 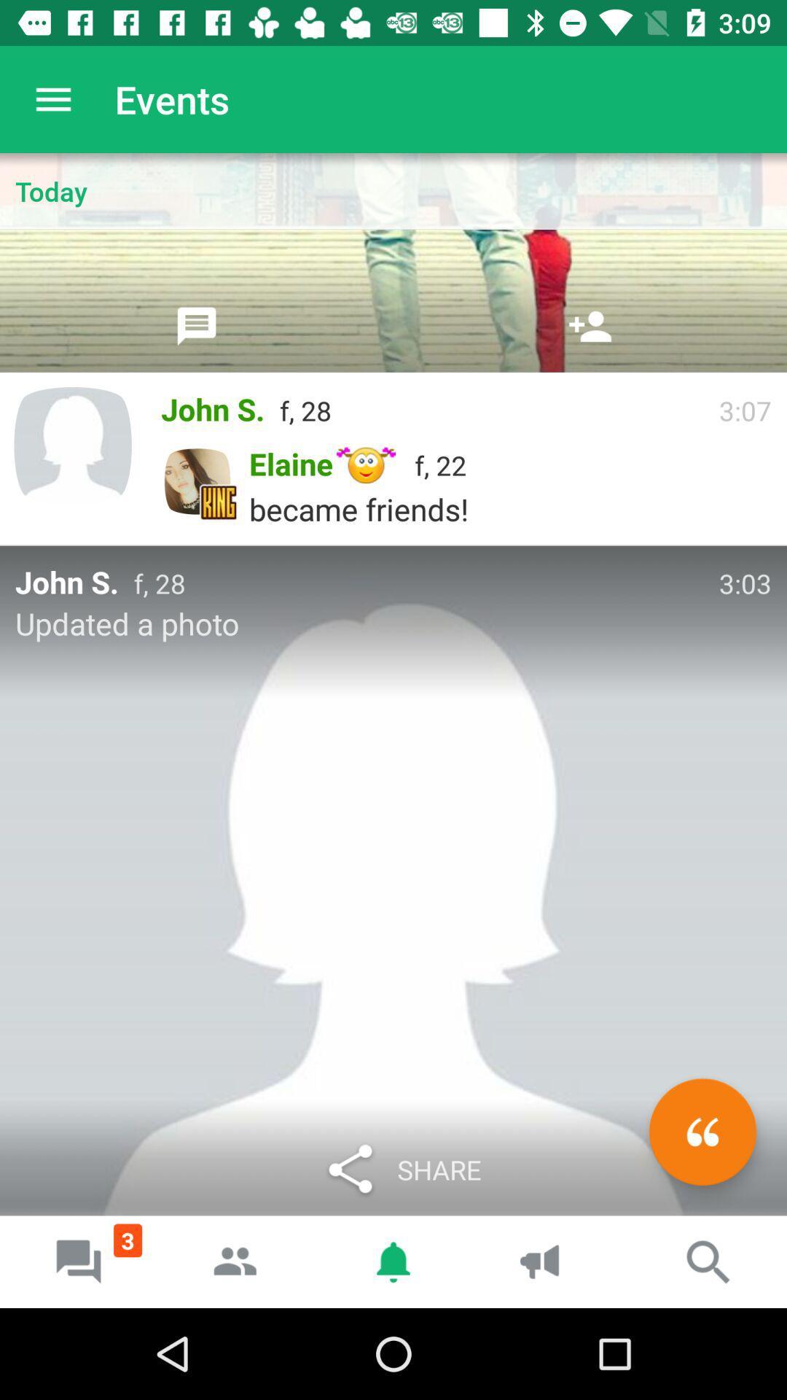 I want to click on icon next to the events app, so click(x=52, y=98).